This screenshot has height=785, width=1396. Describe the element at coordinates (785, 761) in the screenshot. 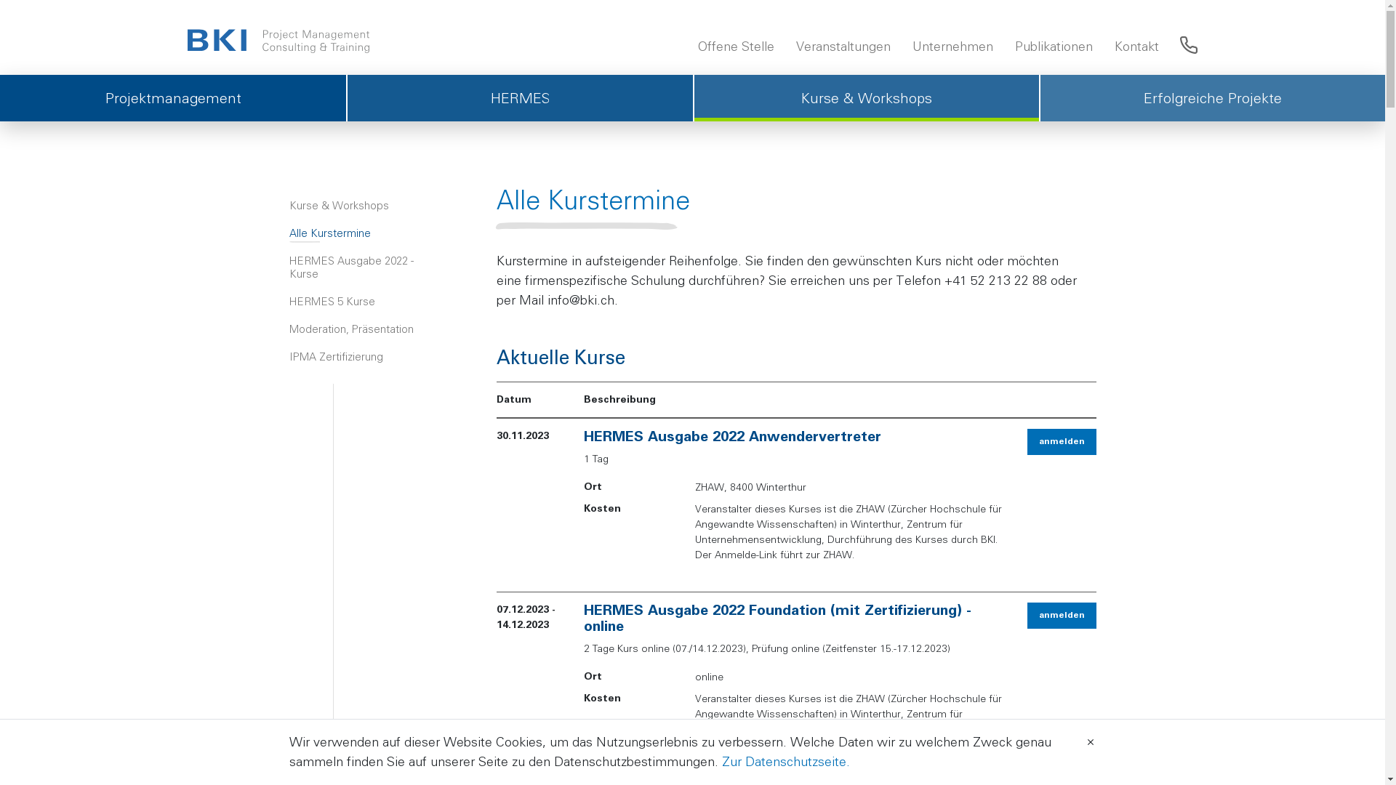

I see `'Zur Datenschutzseite.'` at that location.